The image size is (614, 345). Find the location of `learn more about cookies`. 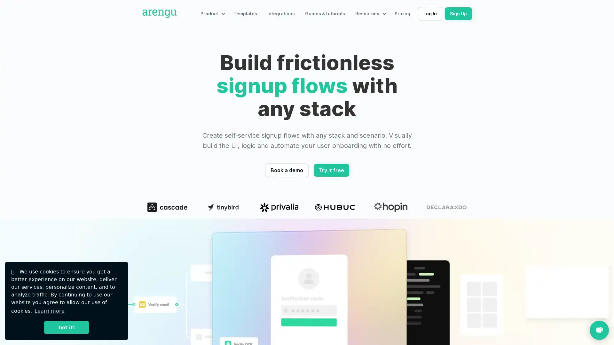

learn more about cookies is located at coordinates (49, 310).